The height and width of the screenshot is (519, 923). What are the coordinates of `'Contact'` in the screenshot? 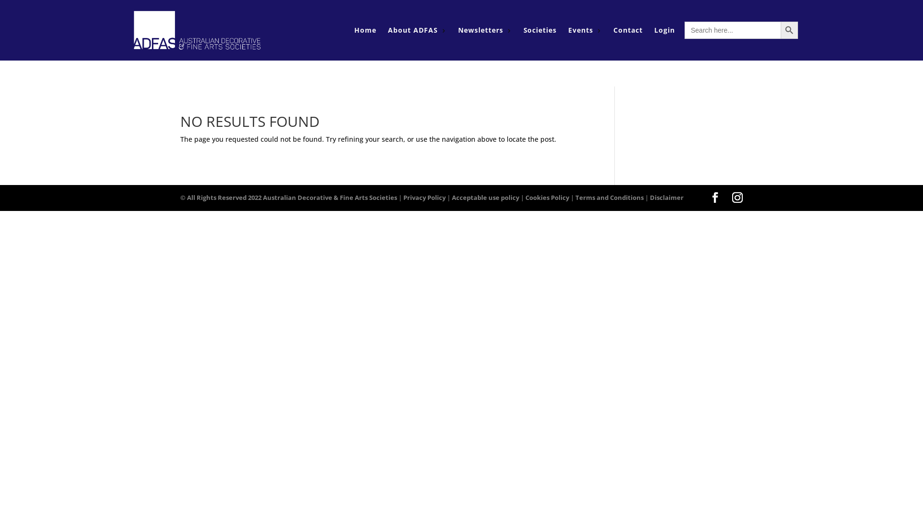 It's located at (628, 29).